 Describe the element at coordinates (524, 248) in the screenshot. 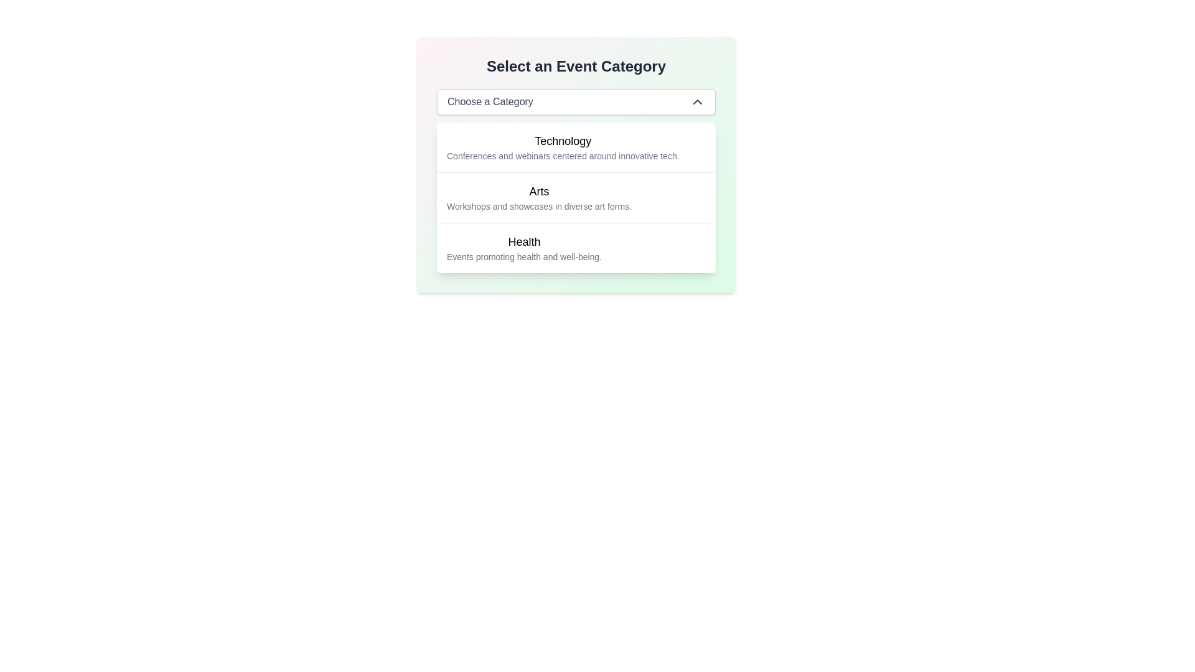

I see `the 'Health' text block in the dropdown menu` at that location.